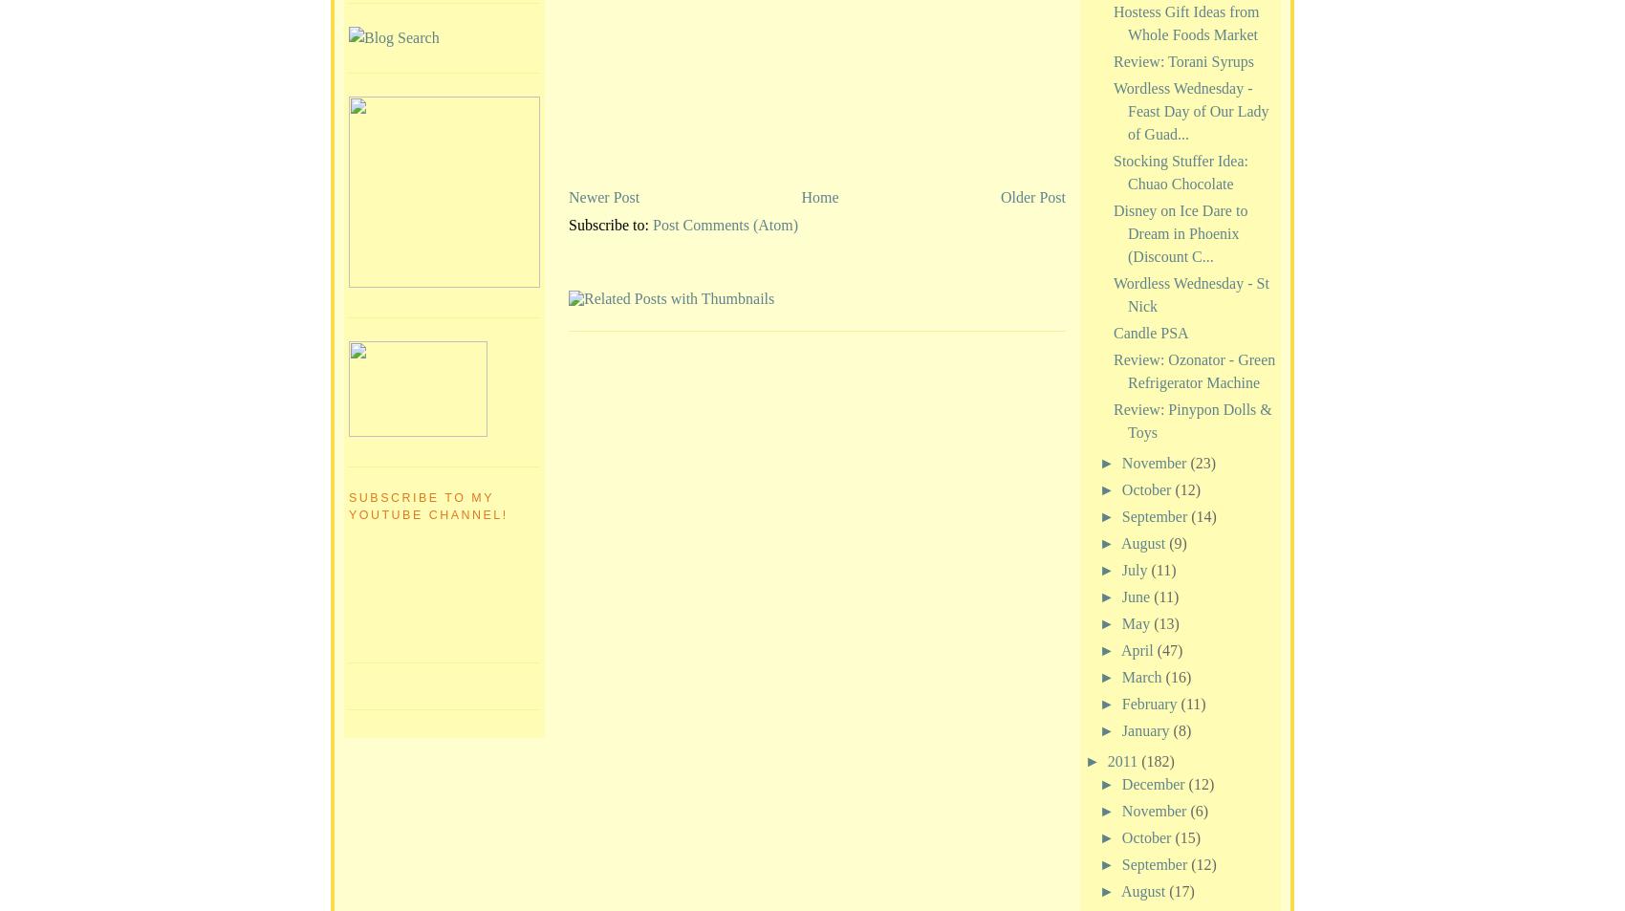  I want to click on 'Review: Pinypon Dolls & Toys', so click(1191, 419).